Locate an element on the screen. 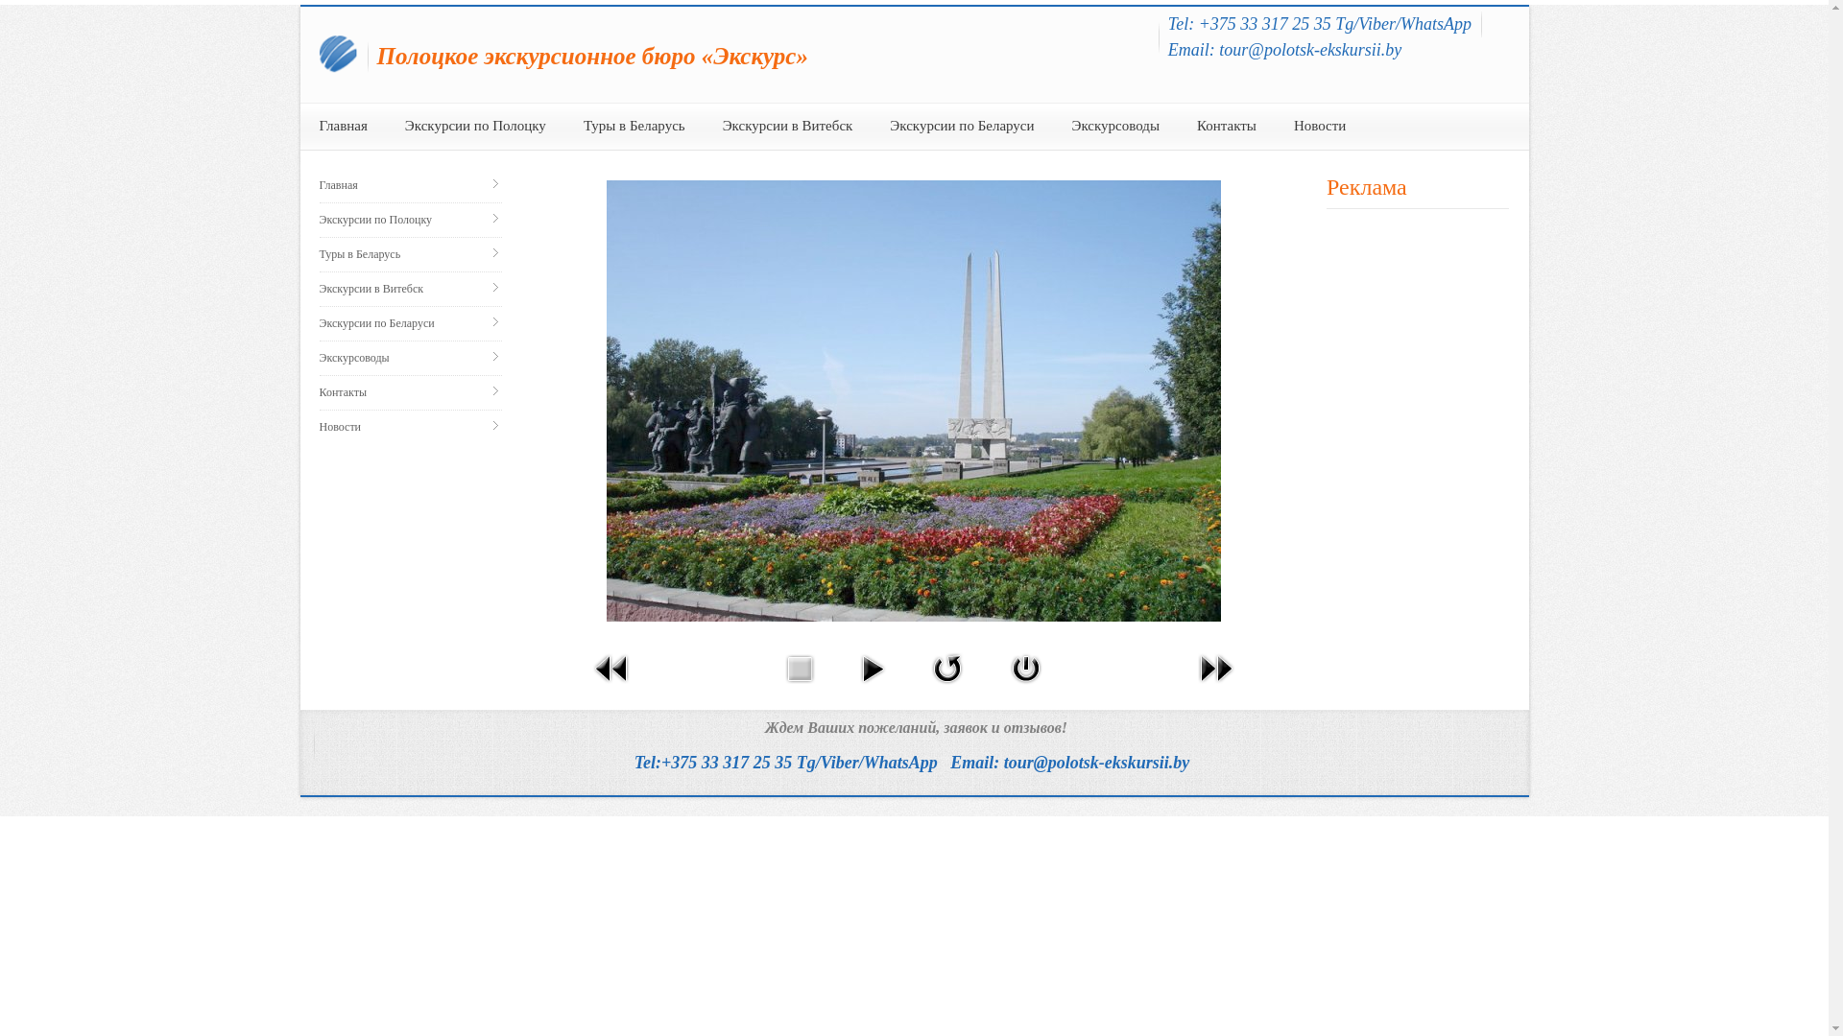  'Tel: +375 33 317 25 35 Tg/Viber/WhatsApp' is located at coordinates (1318, 23).